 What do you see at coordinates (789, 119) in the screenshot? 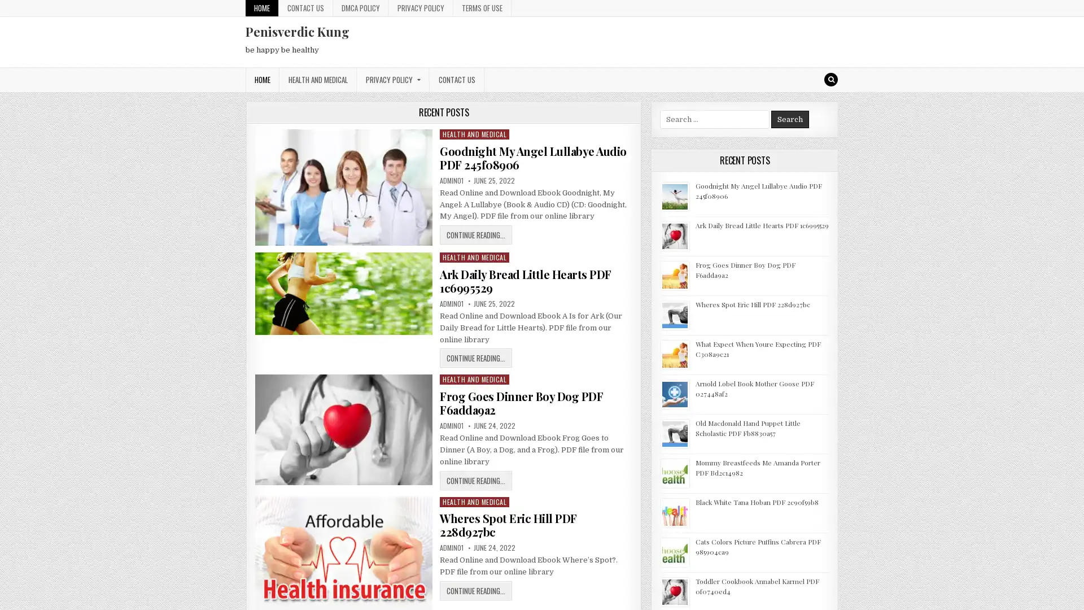
I see `Search` at bounding box center [789, 119].